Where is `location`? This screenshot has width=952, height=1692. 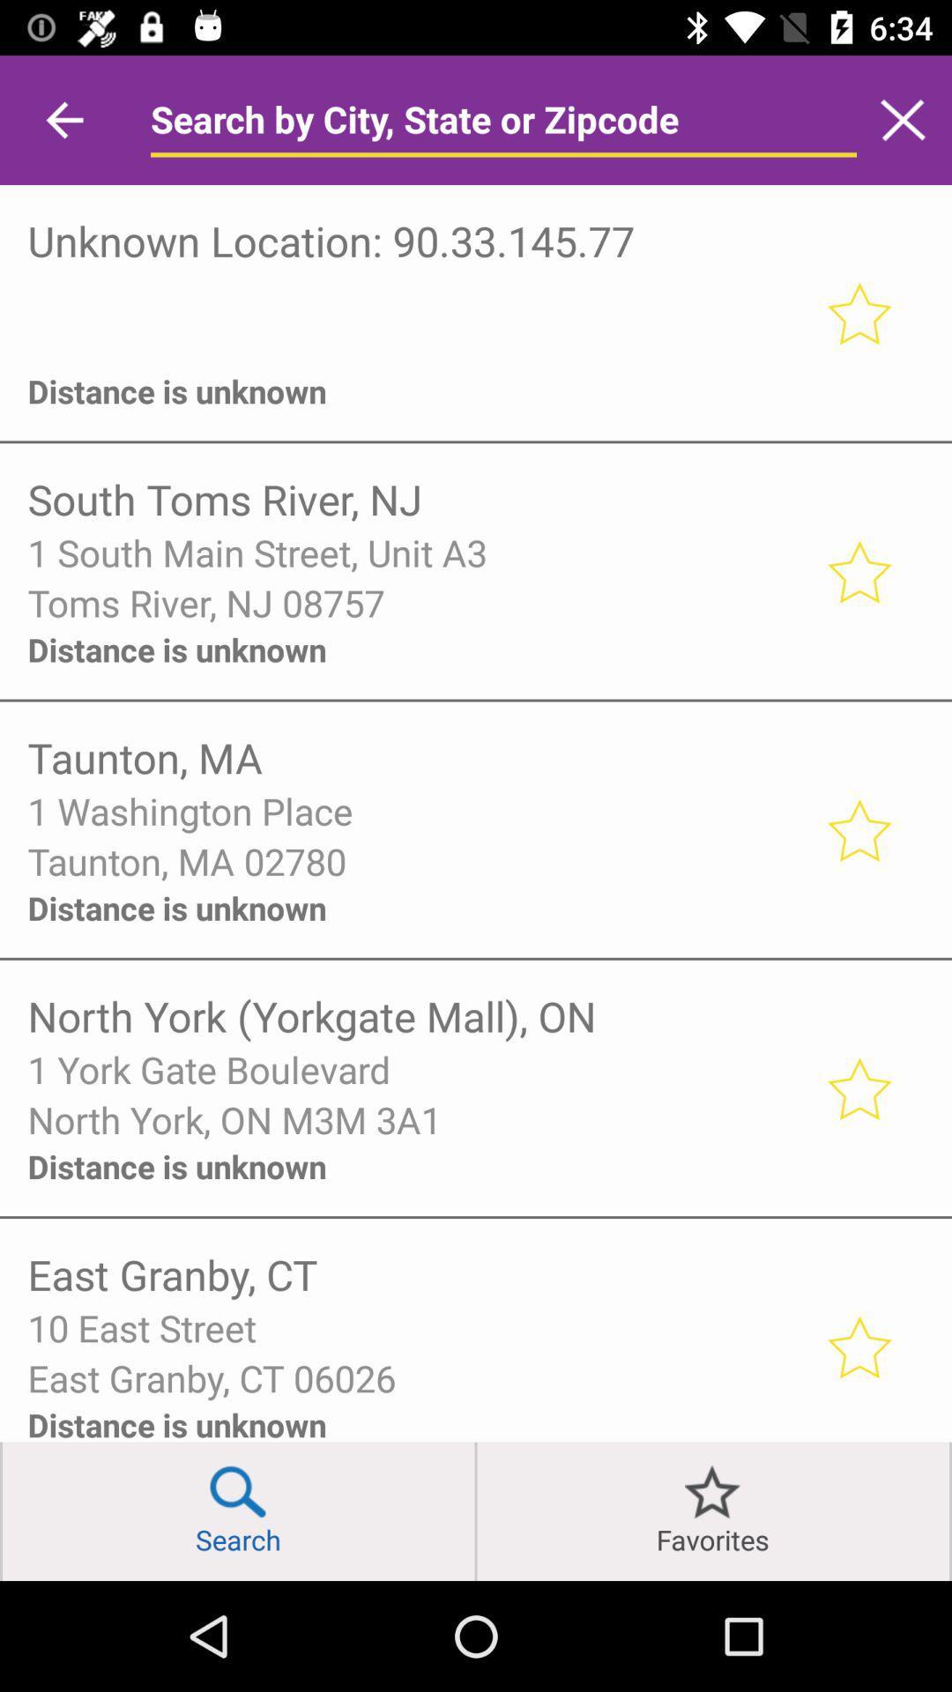 location is located at coordinates (858, 1087).